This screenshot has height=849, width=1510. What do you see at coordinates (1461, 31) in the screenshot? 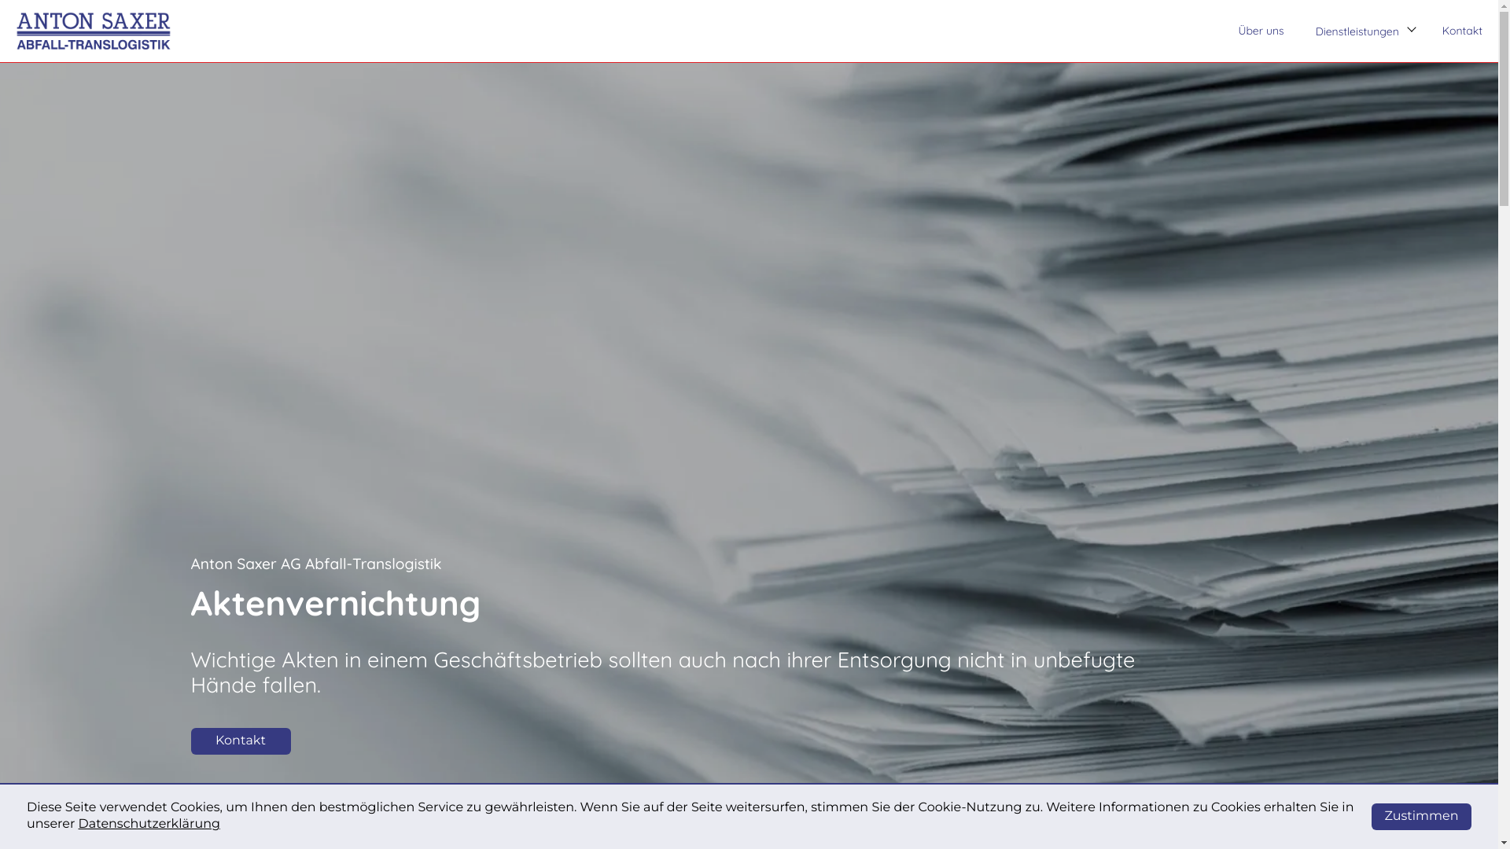
I see `'Kontakt'` at bounding box center [1461, 31].